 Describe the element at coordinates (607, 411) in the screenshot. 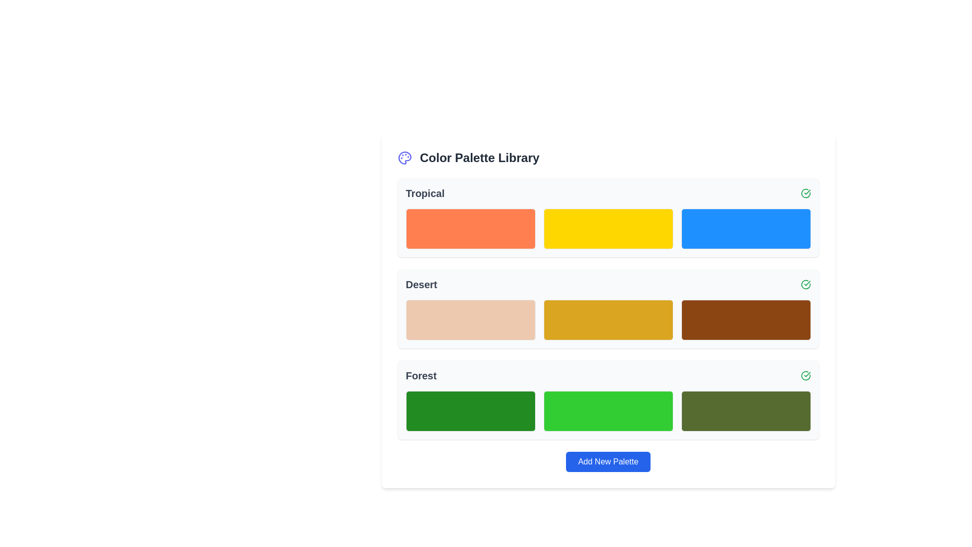

I see `the static color box representing 'Forest' in the palette, which is located in the second column of its row and is non-interactive` at that location.